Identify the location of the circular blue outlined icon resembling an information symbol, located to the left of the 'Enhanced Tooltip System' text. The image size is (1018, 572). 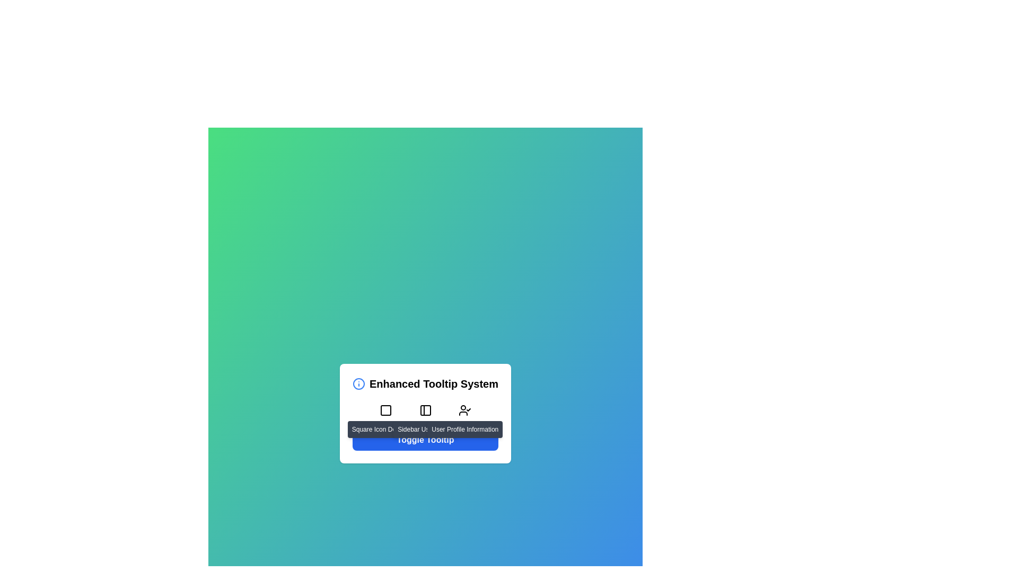
(358, 384).